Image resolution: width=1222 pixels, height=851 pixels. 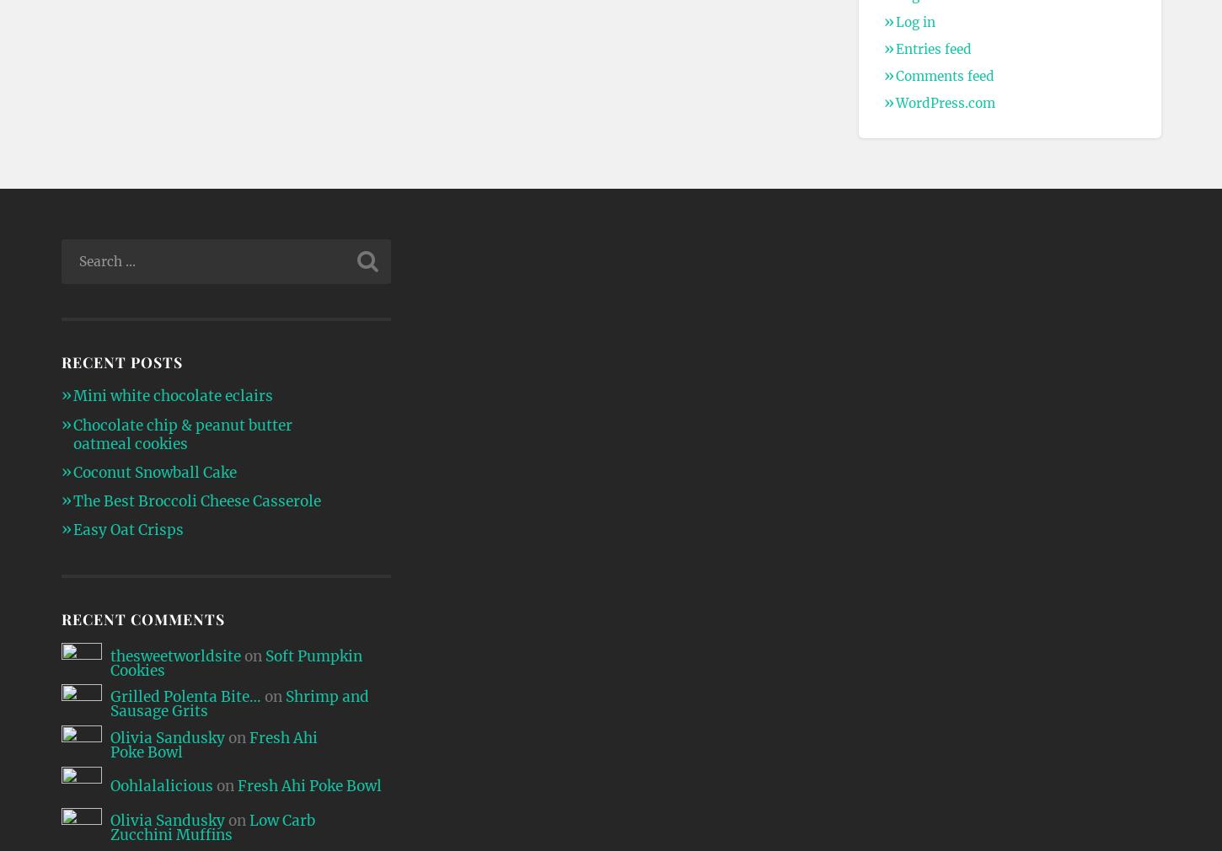 I want to click on 'Easy Oat Crisps', so click(x=72, y=529).